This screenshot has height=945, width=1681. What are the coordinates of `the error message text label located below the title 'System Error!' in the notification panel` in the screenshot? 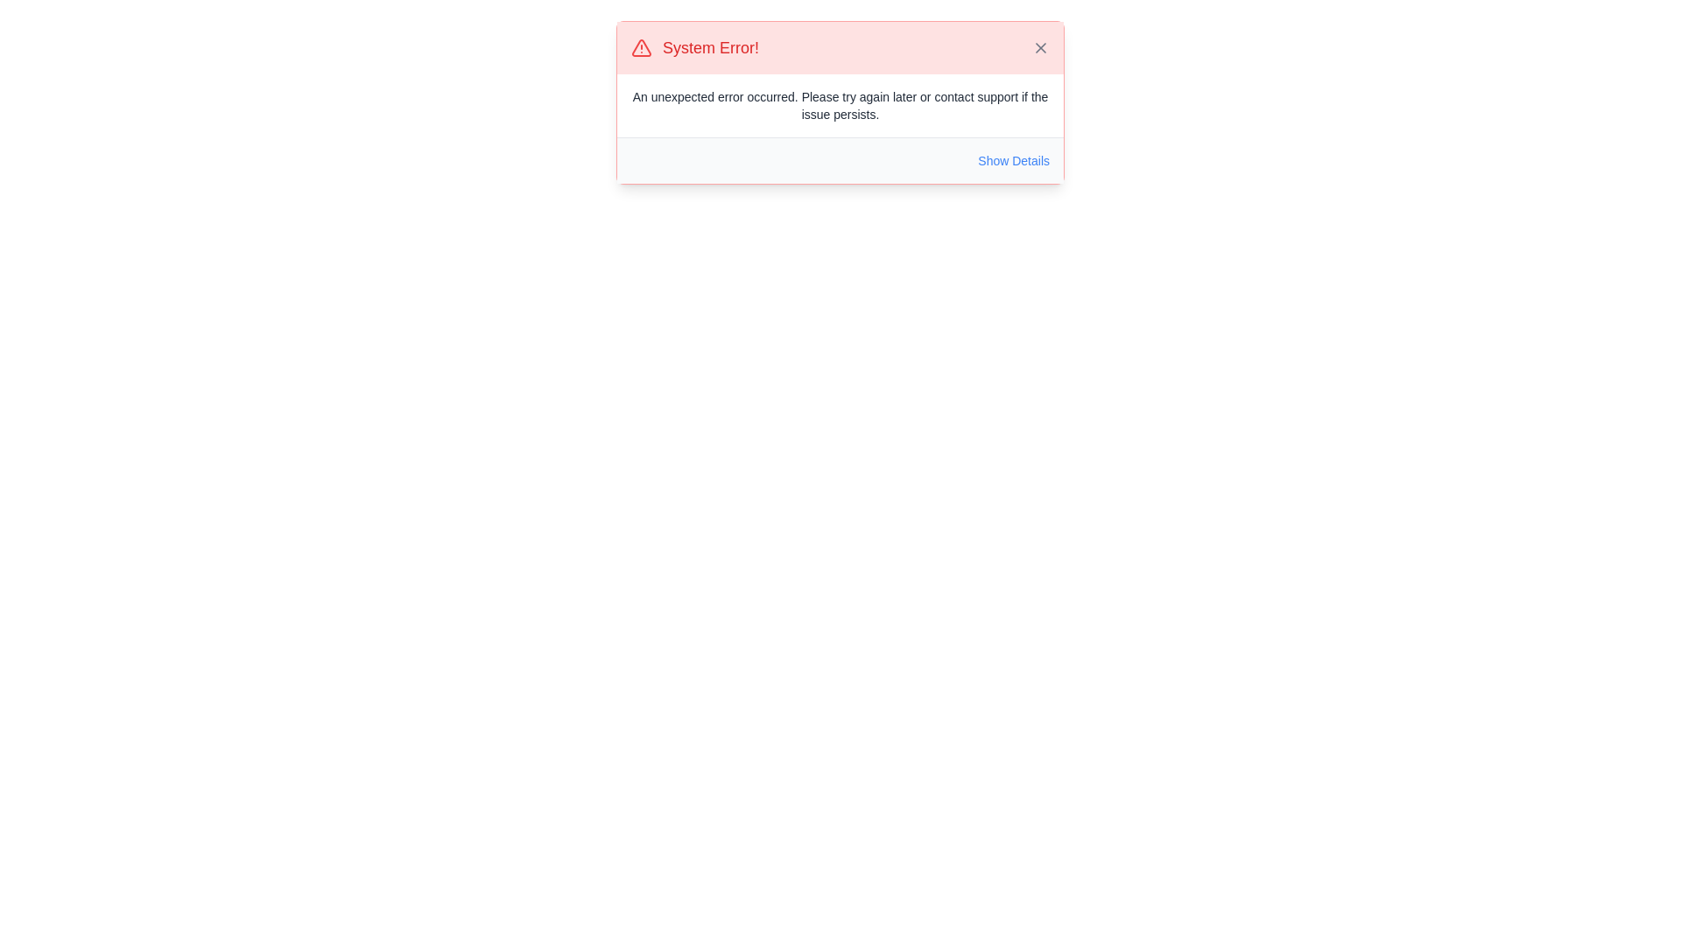 It's located at (840, 105).